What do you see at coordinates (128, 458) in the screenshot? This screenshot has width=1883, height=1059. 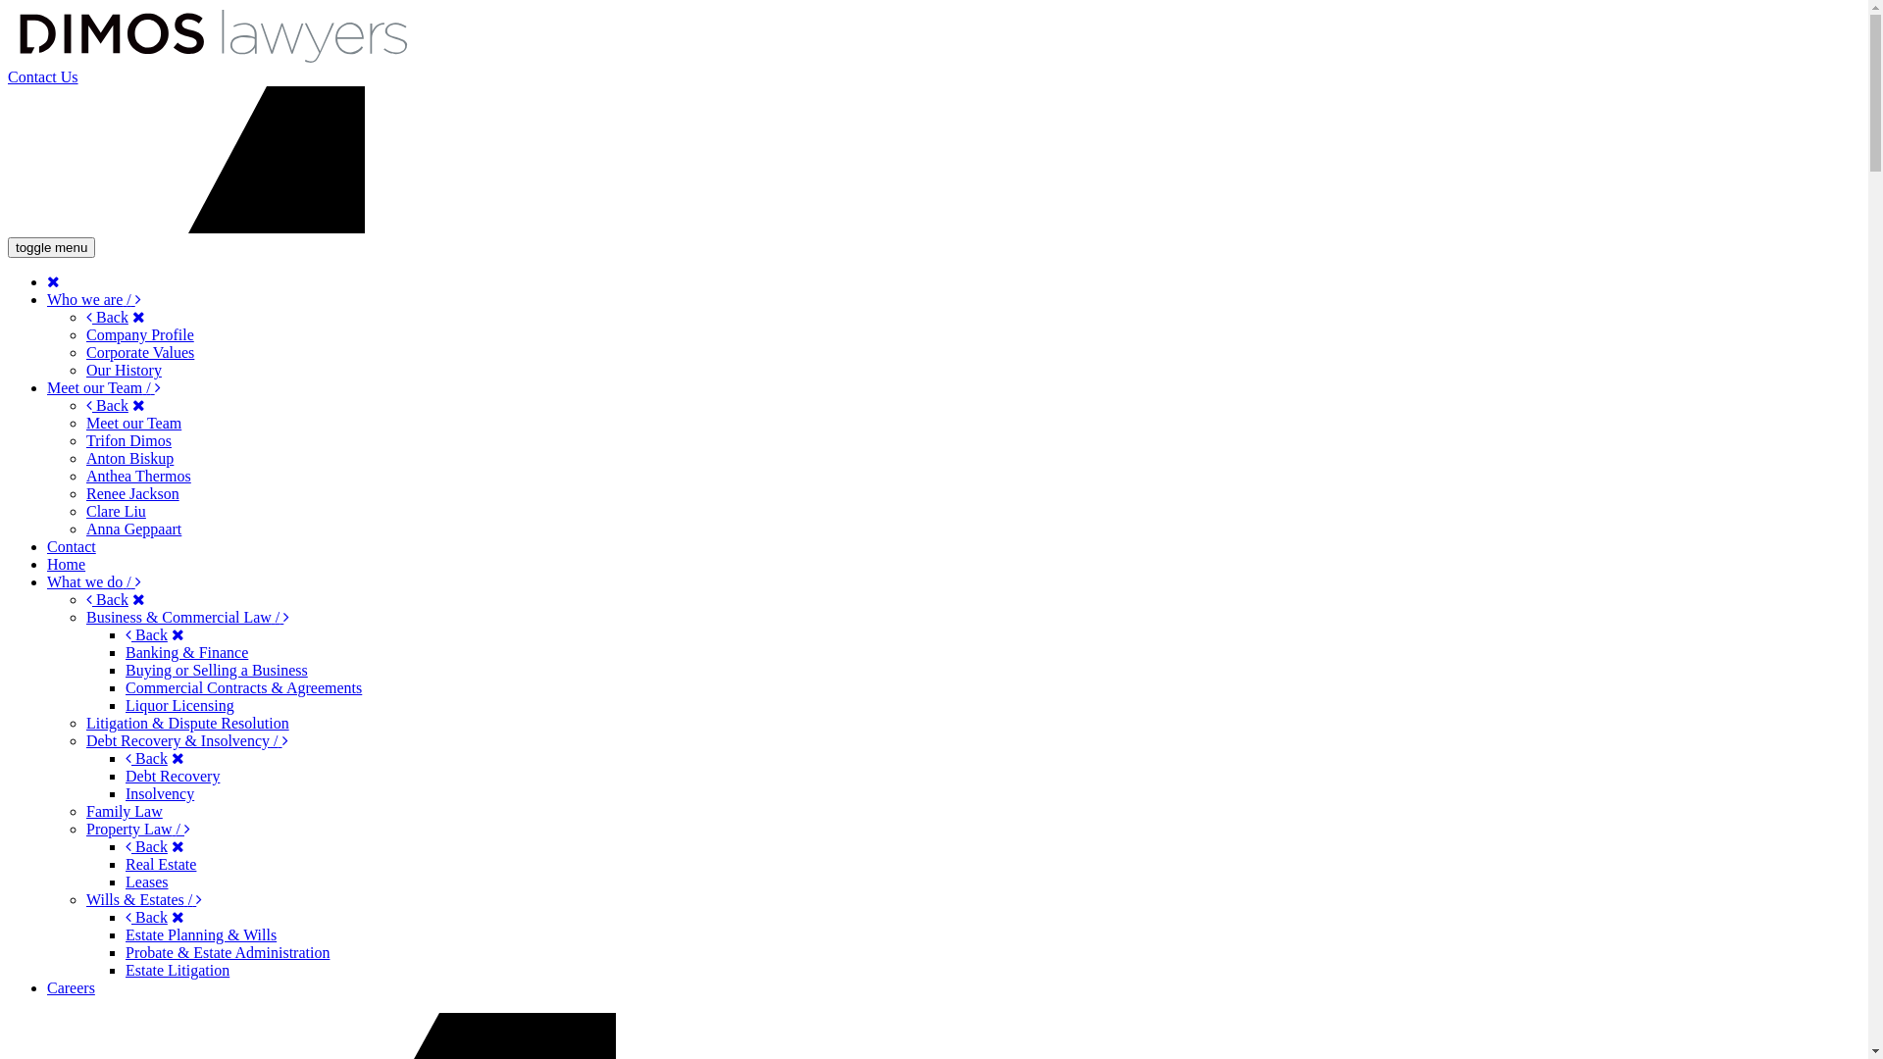 I see `'Anton Biskup'` at bounding box center [128, 458].